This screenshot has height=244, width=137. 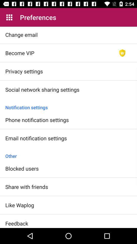 I want to click on icon above like waplog item, so click(x=27, y=186).